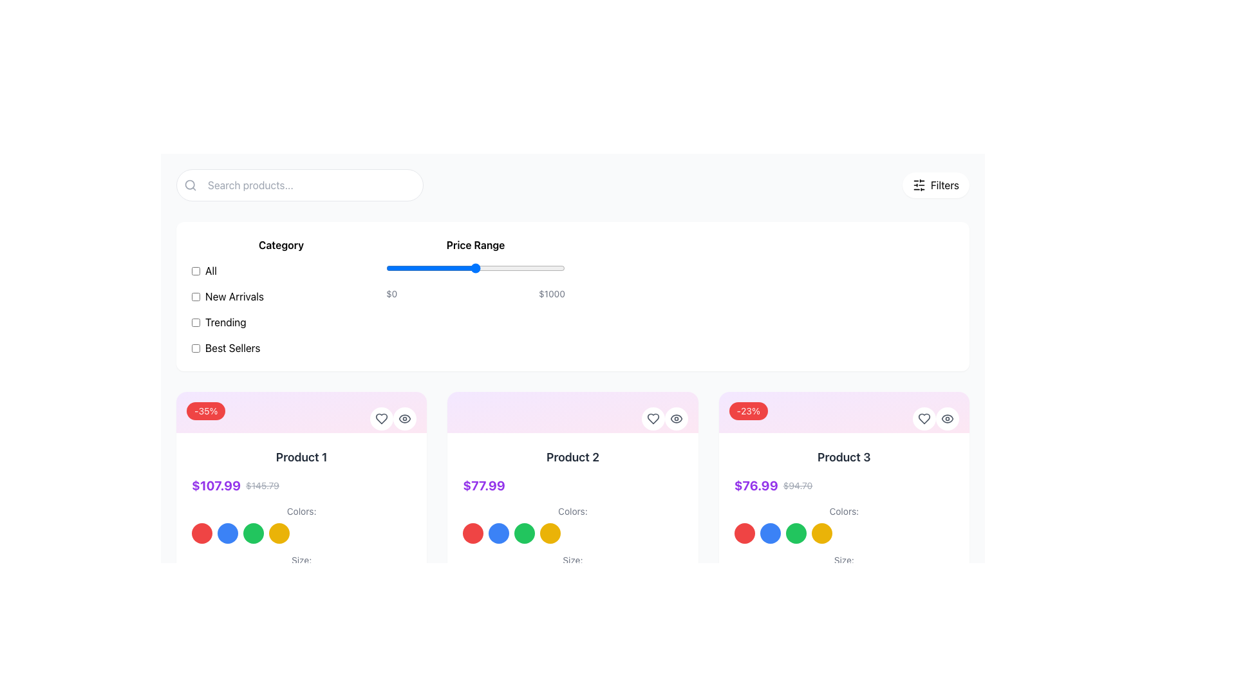  What do you see at coordinates (653, 419) in the screenshot?
I see `the heart-shaped icon within the circular button` at bounding box center [653, 419].